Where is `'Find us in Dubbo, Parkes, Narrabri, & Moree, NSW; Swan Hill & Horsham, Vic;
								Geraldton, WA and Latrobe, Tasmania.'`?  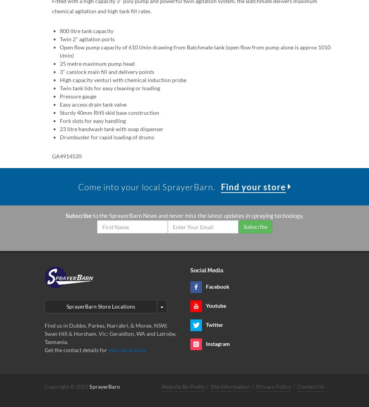 'Find us in Dubbo, Parkes, Narrabri, & Moree, NSW; Swan Hill & Horsham, Vic;
								Geraldton, WA and Latrobe, Tasmania.' is located at coordinates (110, 333).